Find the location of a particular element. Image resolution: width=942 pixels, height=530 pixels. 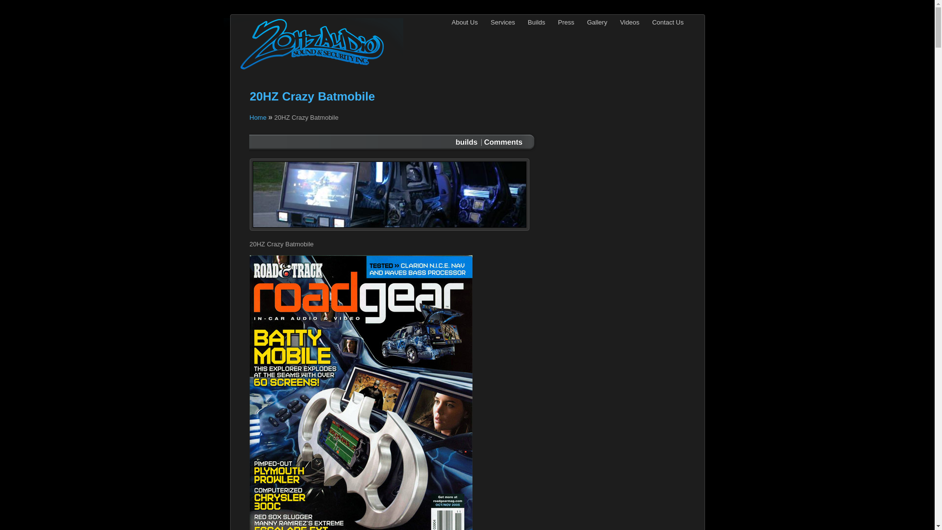

'Home' is located at coordinates (258, 117).